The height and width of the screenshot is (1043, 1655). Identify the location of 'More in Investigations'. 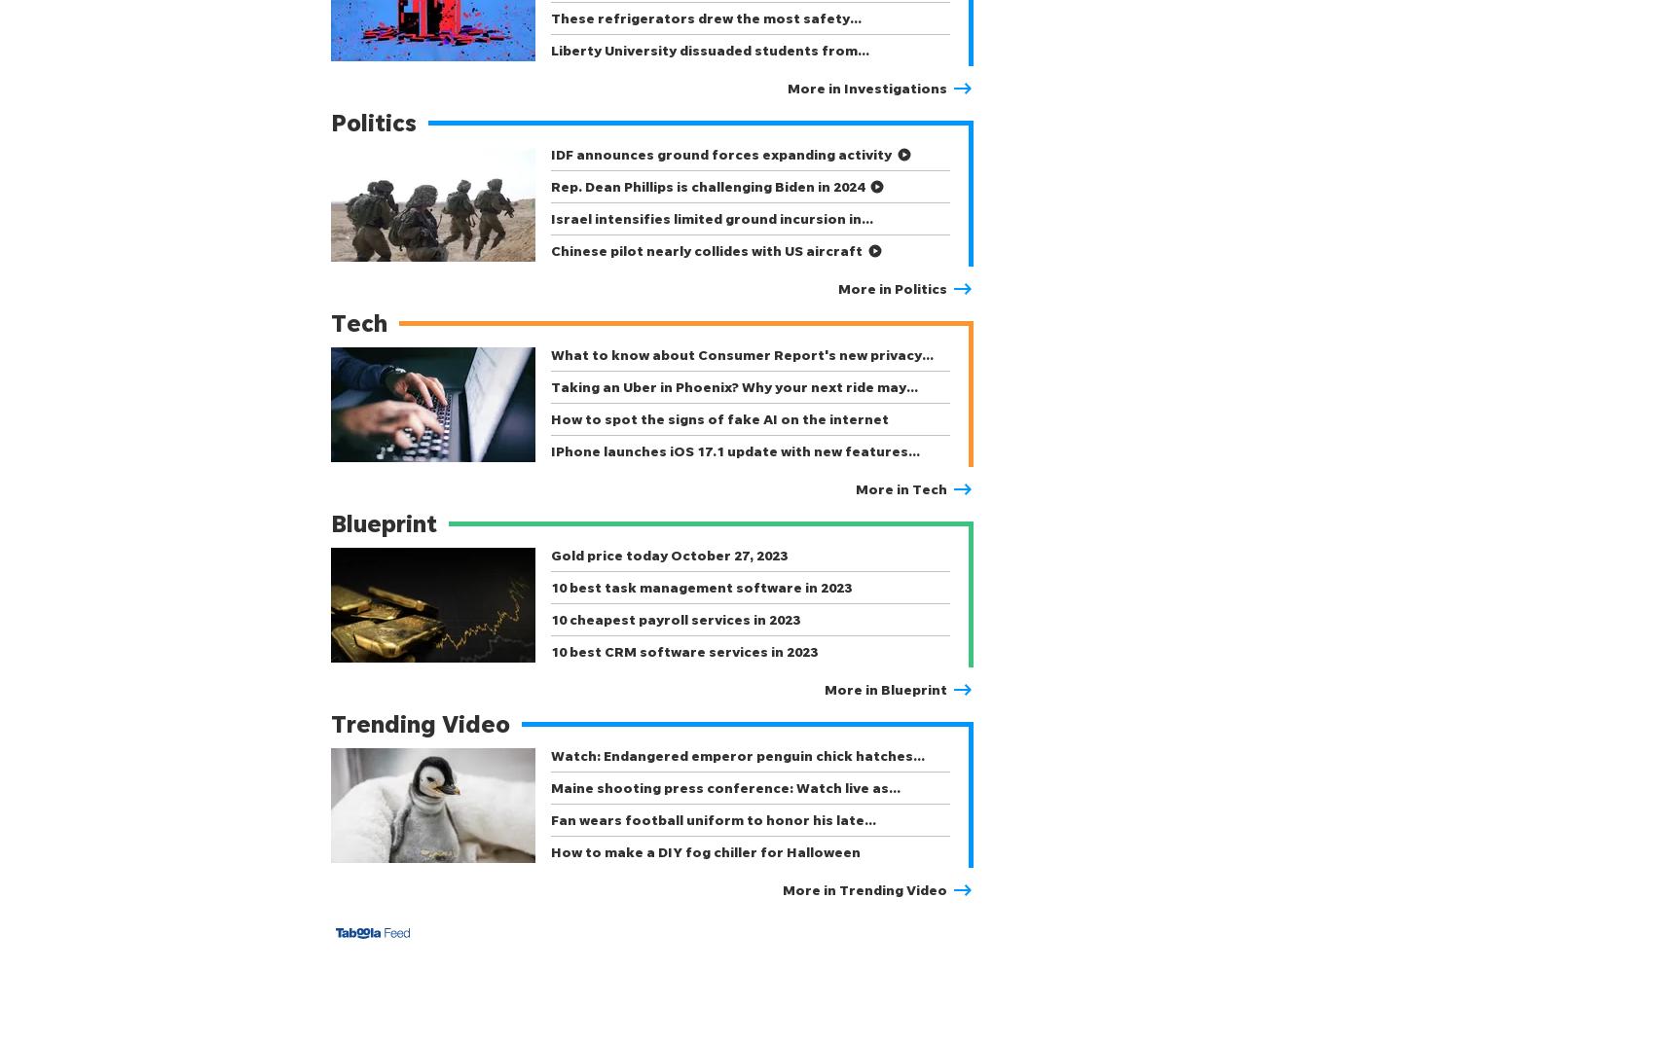
(866, 88).